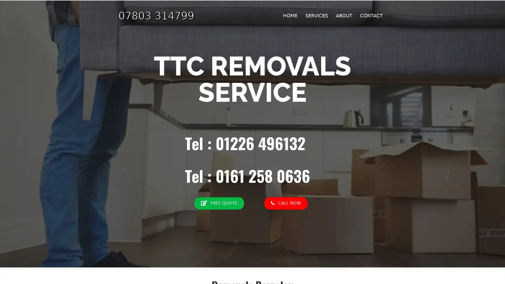 The height and width of the screenshot is (284, 505). What do you see at coordinates (219, 203) in the screenshot?
I see `FREE QUOTE` at bounding box center [219, 203].